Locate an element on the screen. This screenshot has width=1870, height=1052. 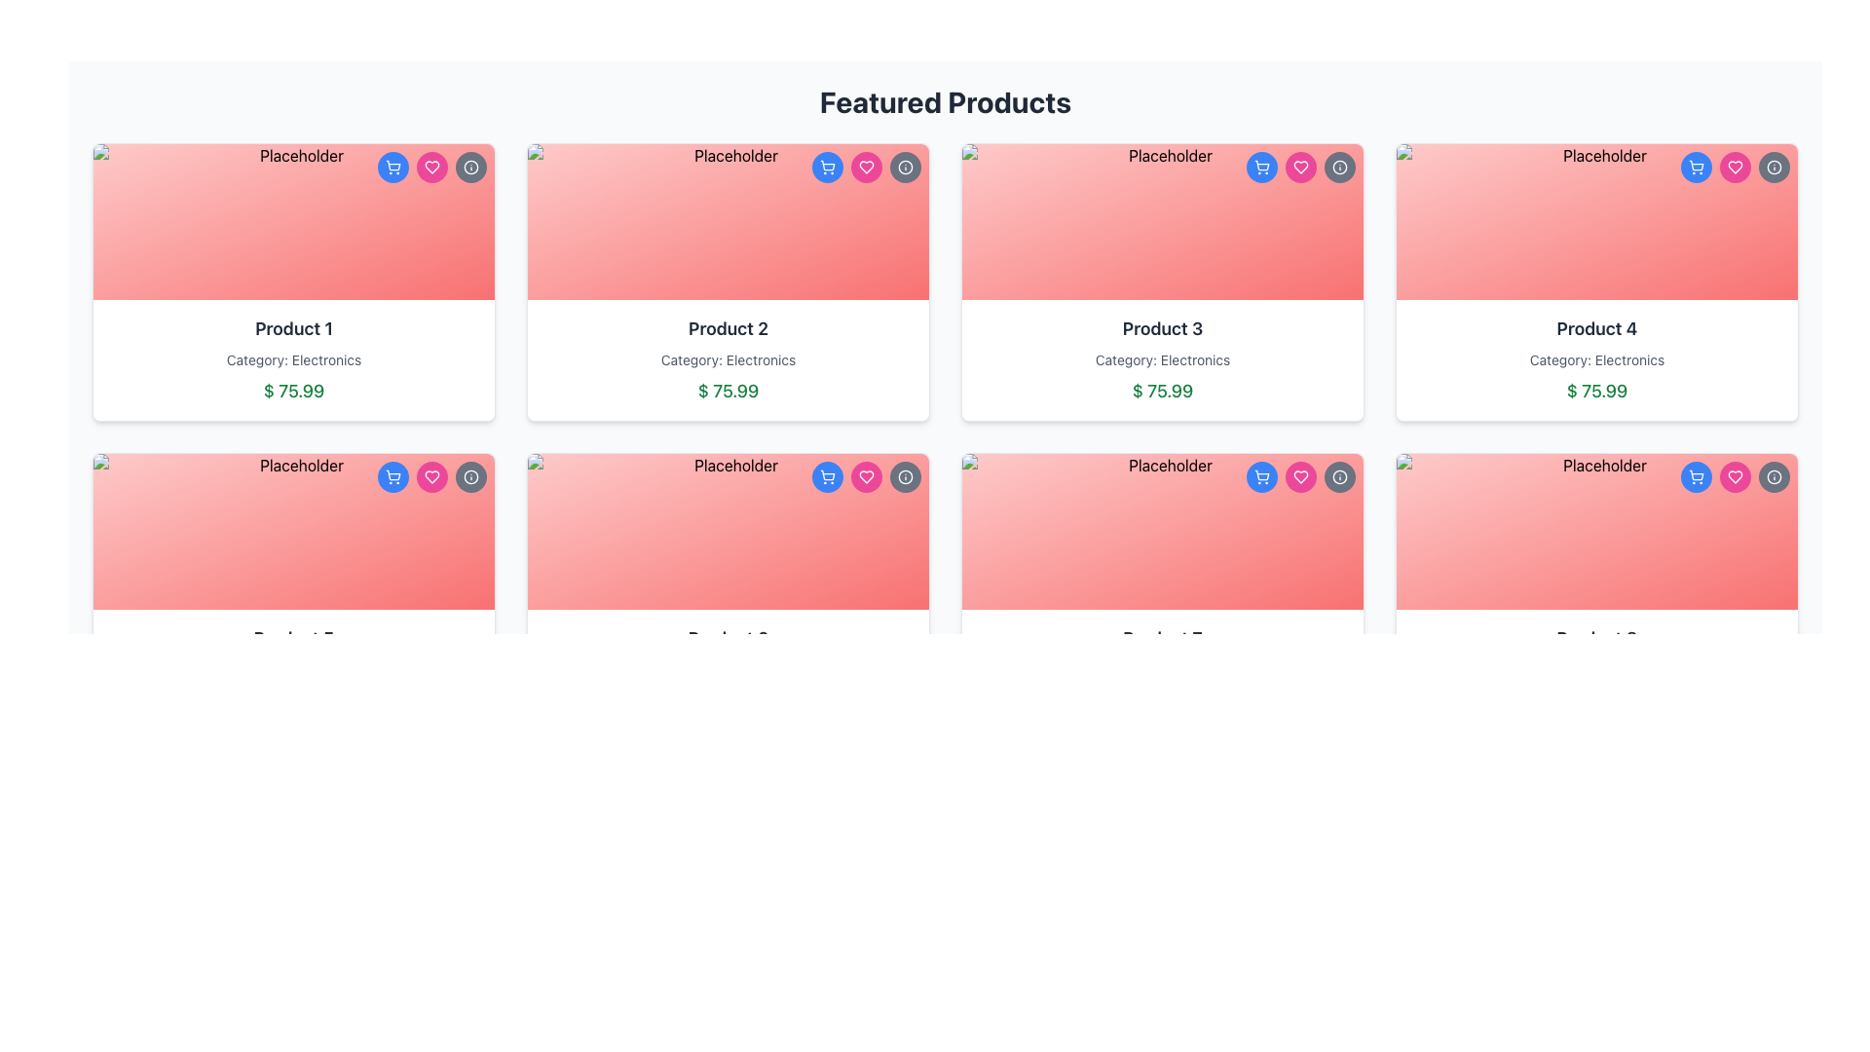
the Image Display Area in the card labeled 'Product 2', which is positioned in the second column of the first row in a grid layout is located at coordinates (728, 220).